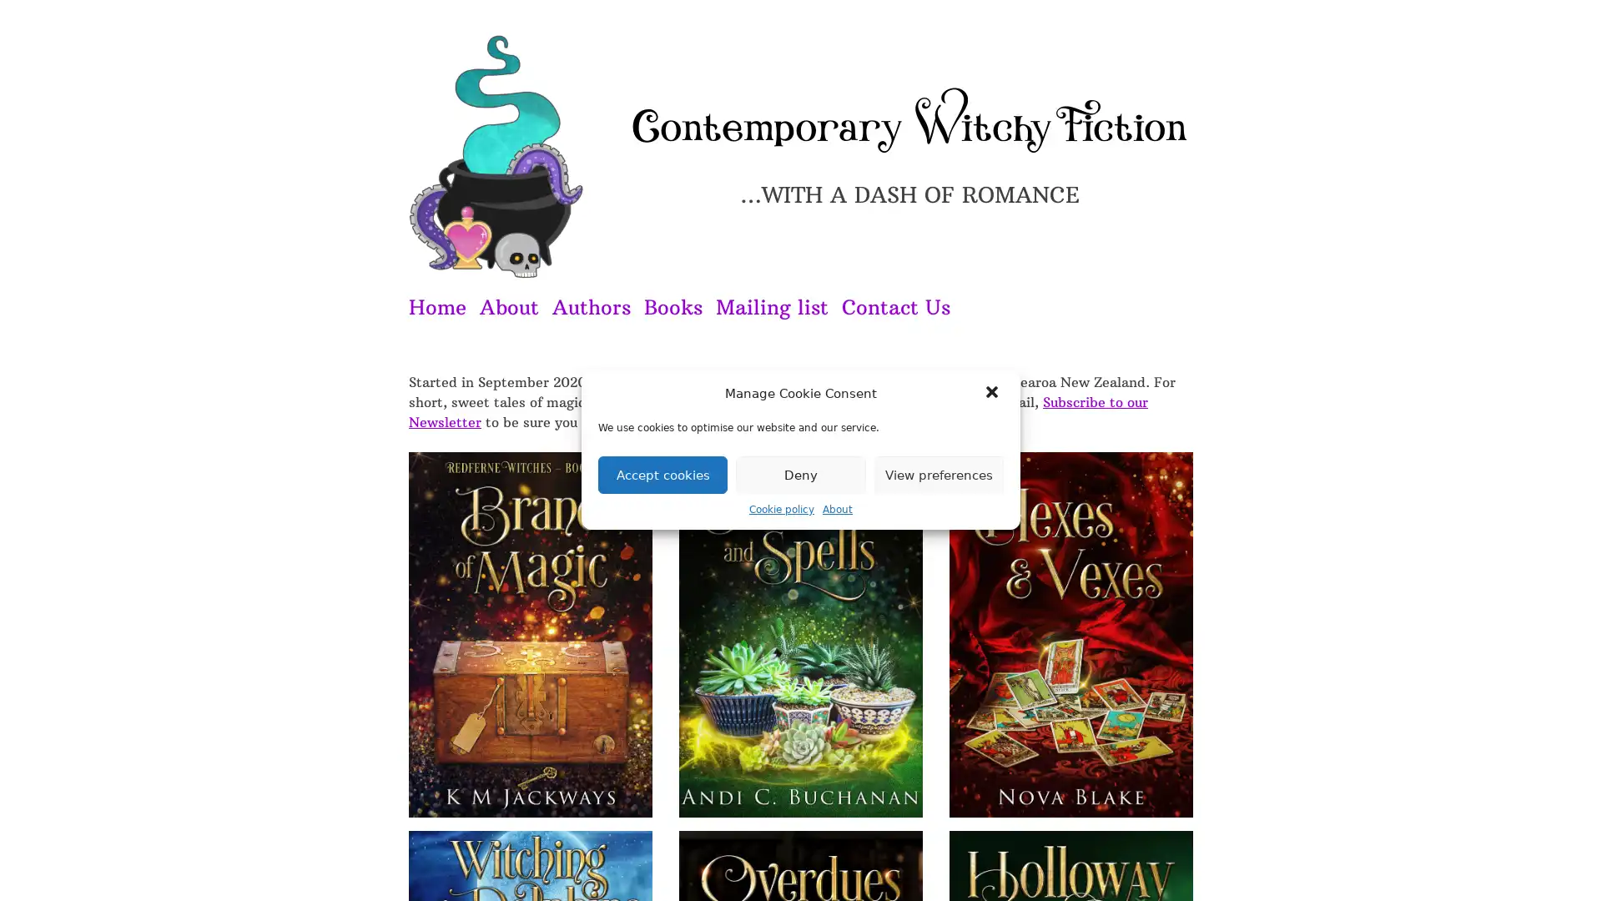 Image resolution: width=1602 pixels, height=901 pixels. Describe the element at coordinates (662, 475) in the screenshot. I see `Accept cookies` at that location.